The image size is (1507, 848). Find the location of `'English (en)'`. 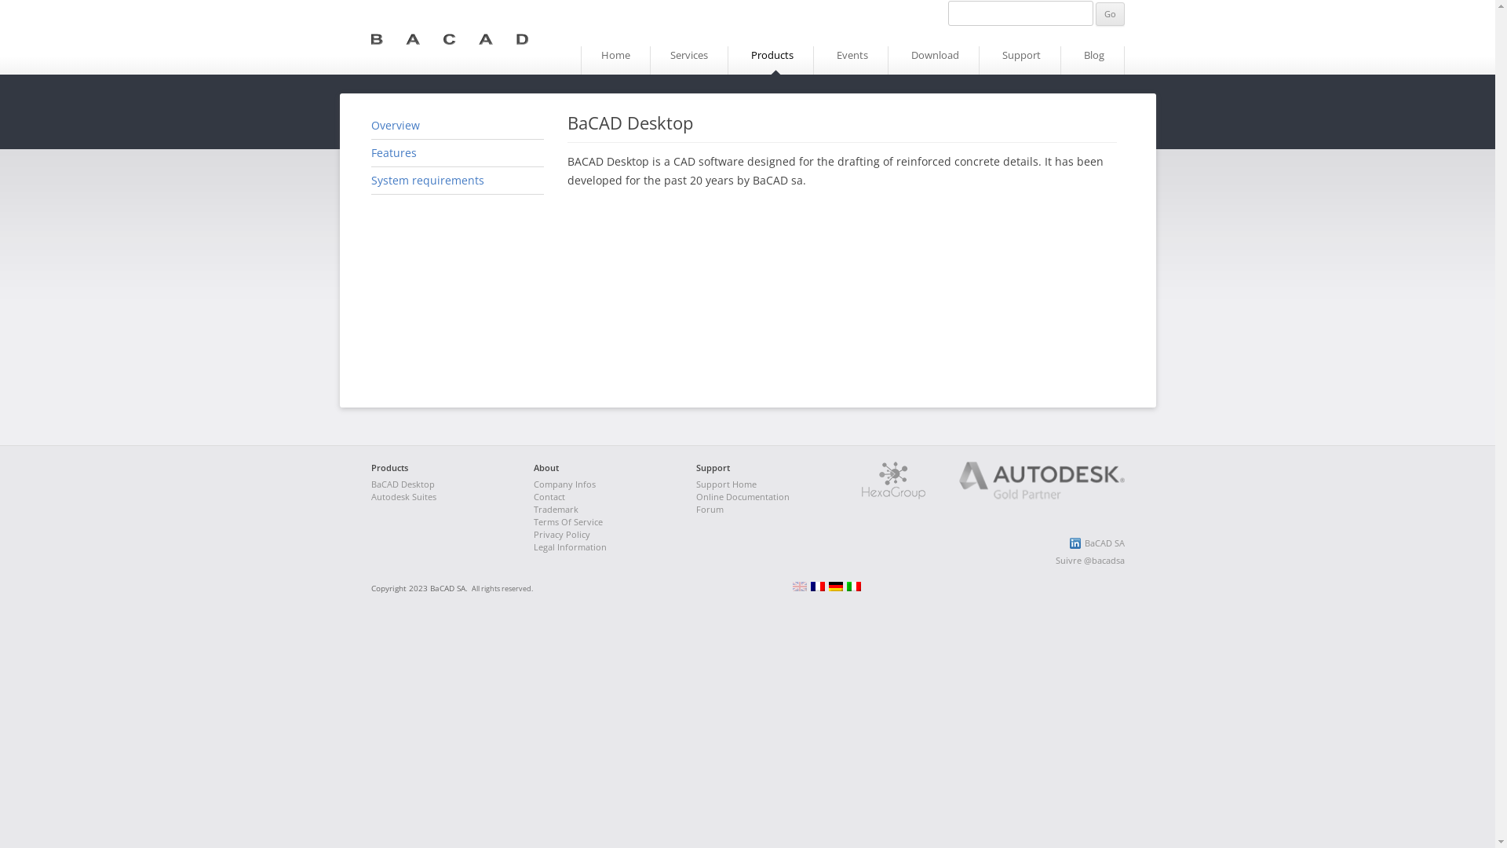

'English (en)' is located at coordinates (799, 587).